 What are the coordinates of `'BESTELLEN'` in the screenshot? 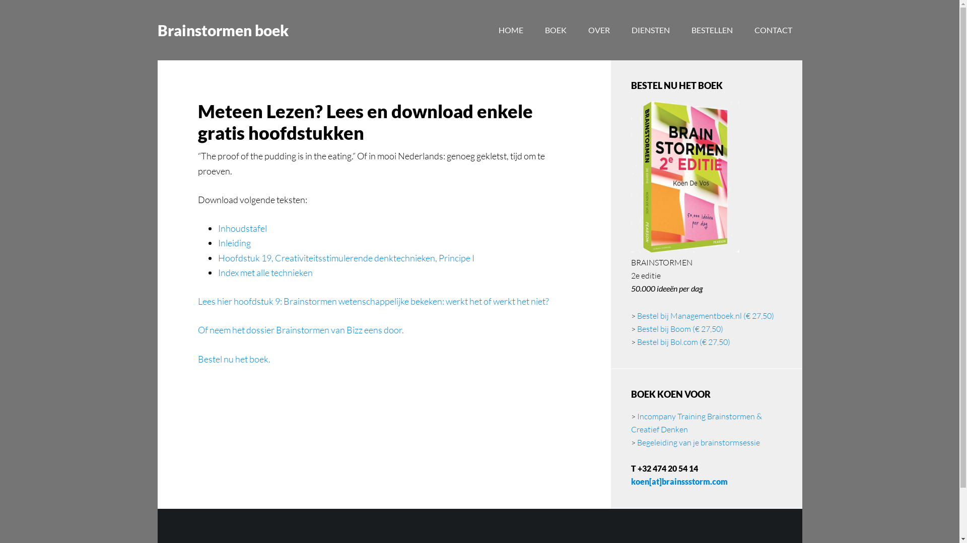 It's located at (711, 30).